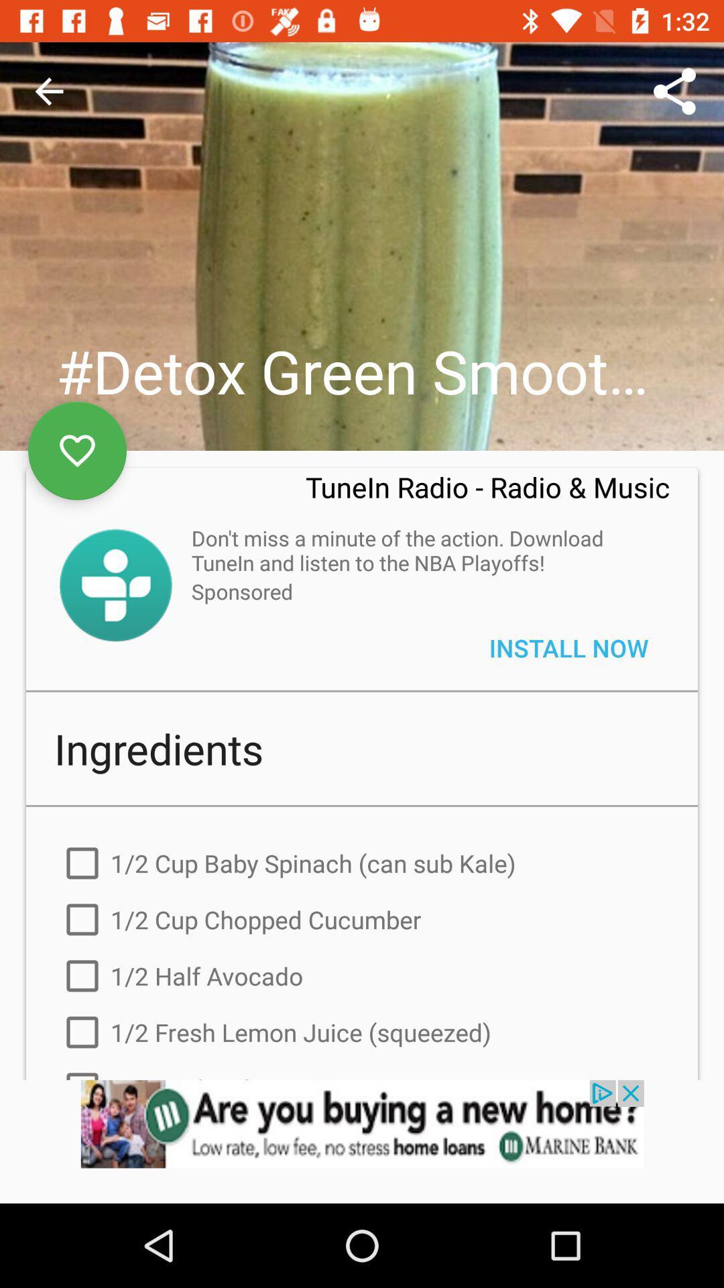 The width and height of the screenshot is (724, 1288). What do you see at coordinates (115, 585) in the screenshot?
I see `the button` at bounding box center [115, 585].